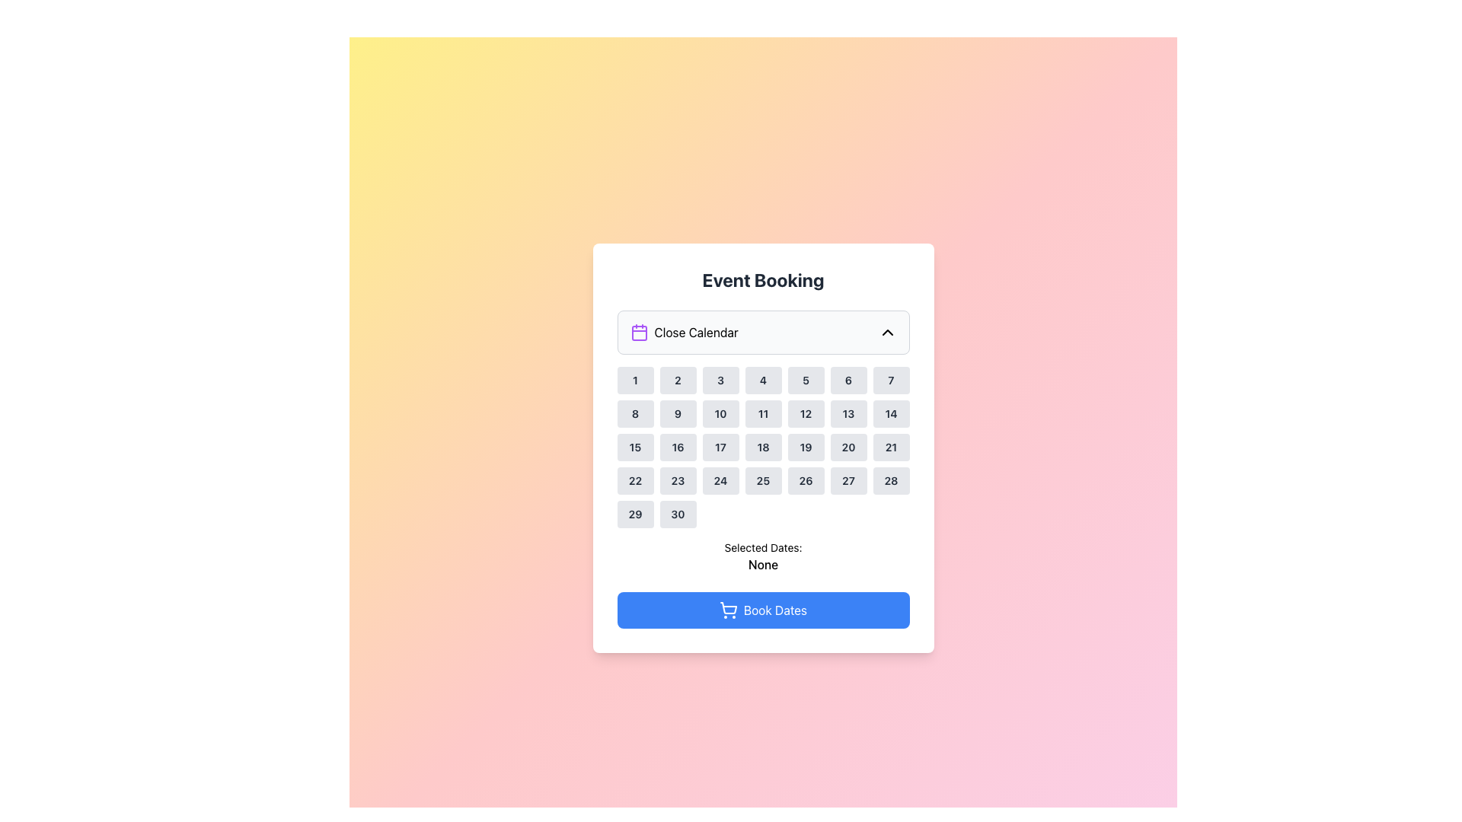  I want to click on the button located in the second row, fifth column of the calendar grid within the 'Event Booking' section, so click(805, 413).